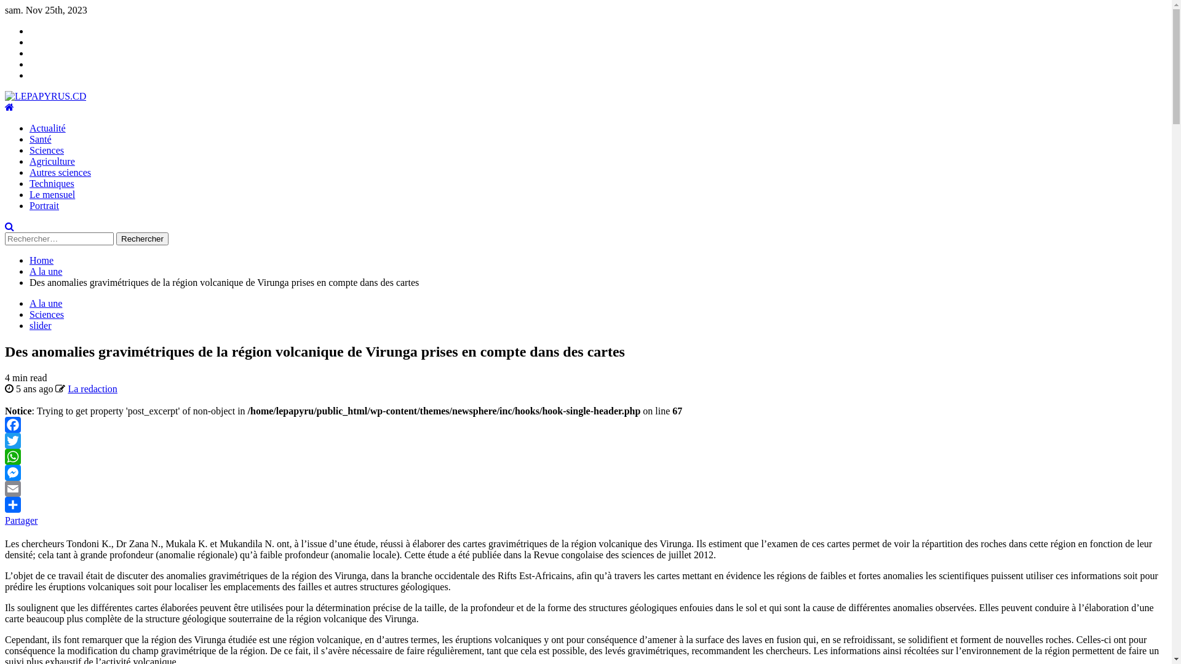 This screenshot has width=1181, height=664. I want to click on 'A la une', so click(46, 303).